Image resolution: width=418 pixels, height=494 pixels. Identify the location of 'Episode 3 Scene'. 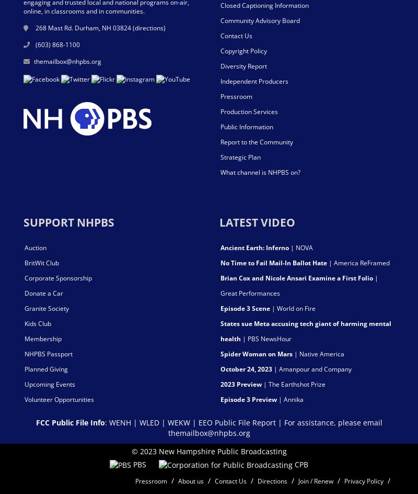
(245, 307).